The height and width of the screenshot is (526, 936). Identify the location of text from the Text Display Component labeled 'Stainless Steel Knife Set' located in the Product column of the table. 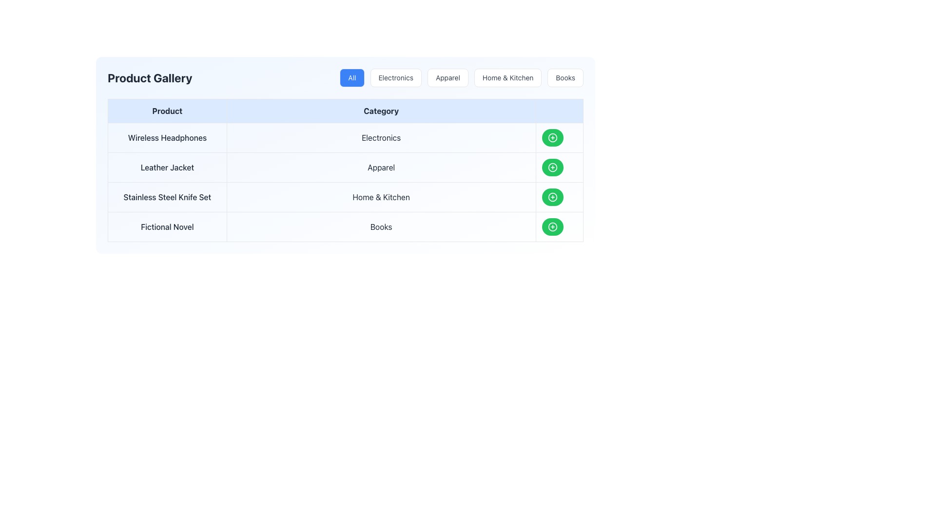
(167, 197).